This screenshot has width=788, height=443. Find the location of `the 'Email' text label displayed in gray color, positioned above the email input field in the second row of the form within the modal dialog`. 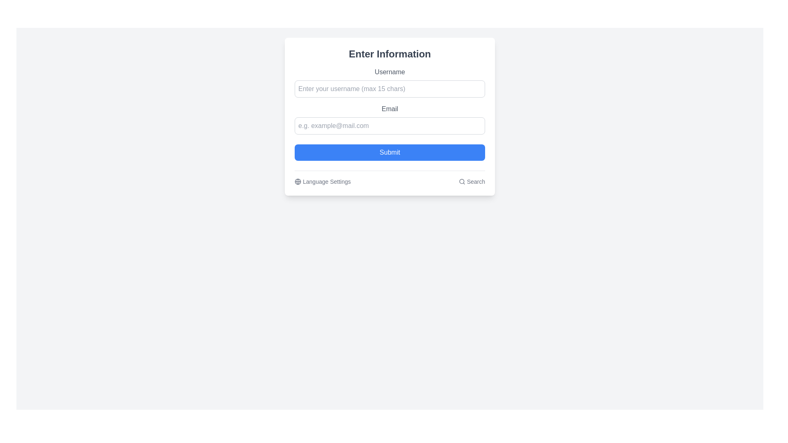

the 'Email' text label displayed in gray color, positioned above the email input field in the second row of the form within the modal dialog is located at coordinates (389, 109).